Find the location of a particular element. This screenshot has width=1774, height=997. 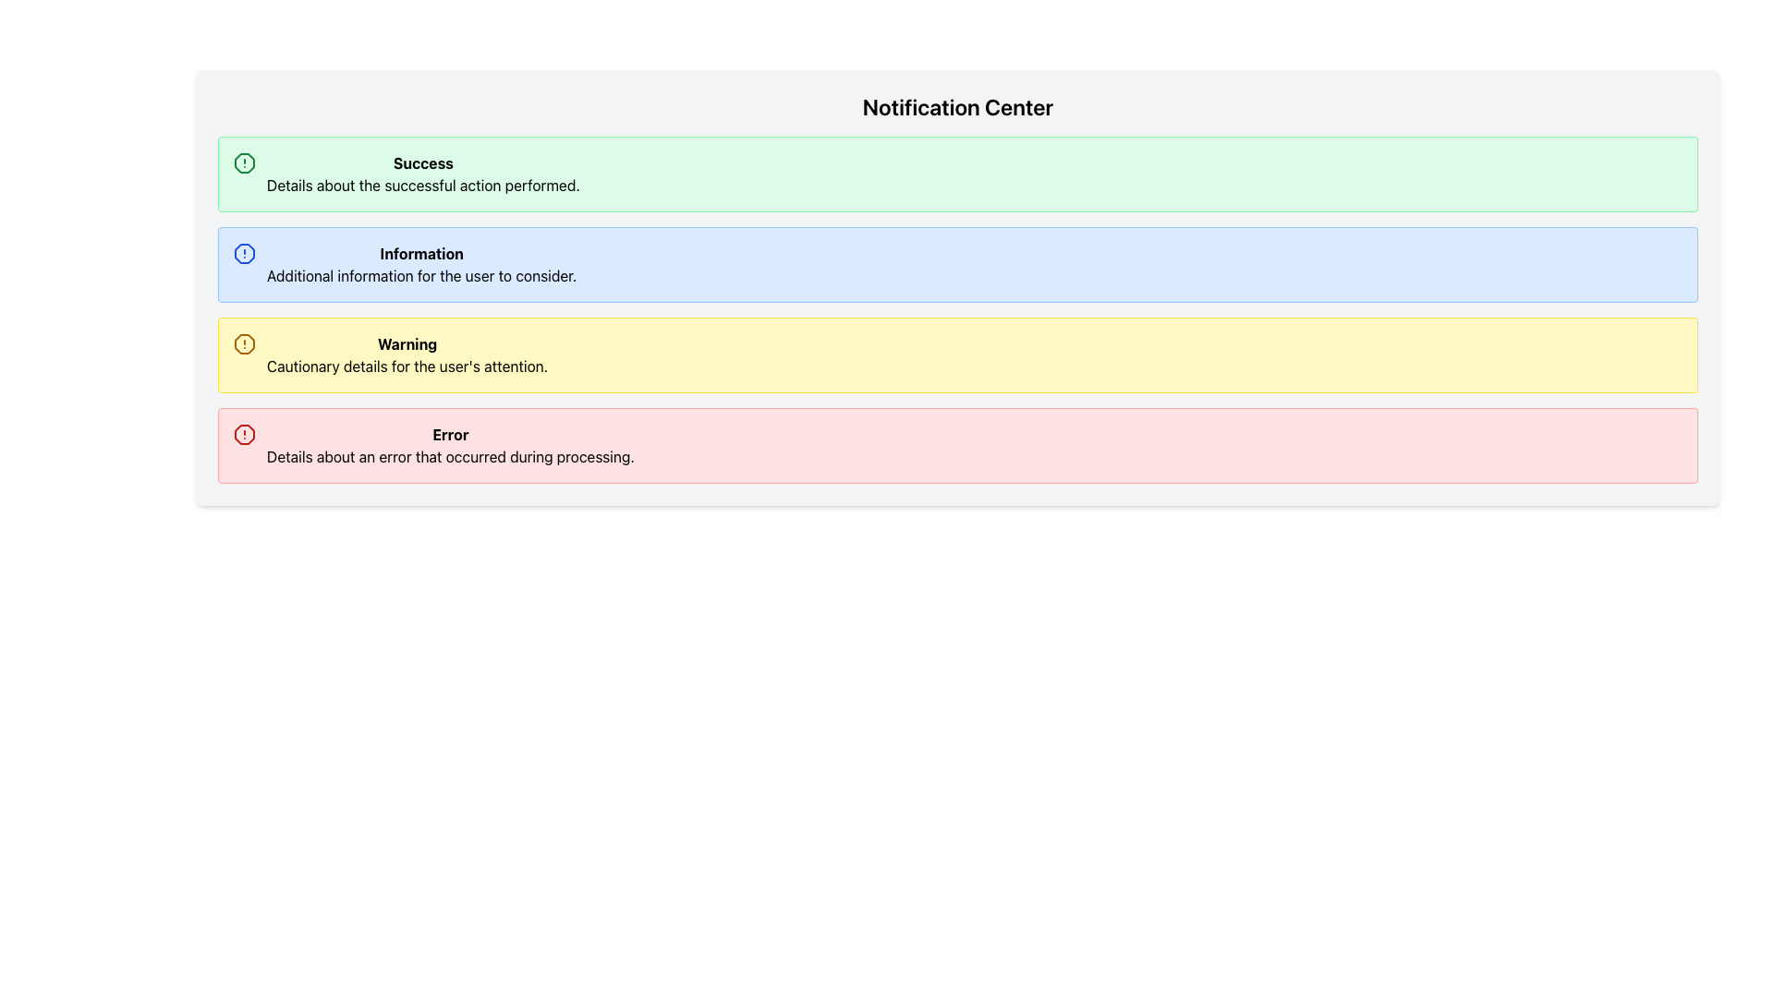

the warning icon located in the 'Warning' section with a yellow background, positioned to the left of the accompanying descriptive text is located at coordinates (243, 344).